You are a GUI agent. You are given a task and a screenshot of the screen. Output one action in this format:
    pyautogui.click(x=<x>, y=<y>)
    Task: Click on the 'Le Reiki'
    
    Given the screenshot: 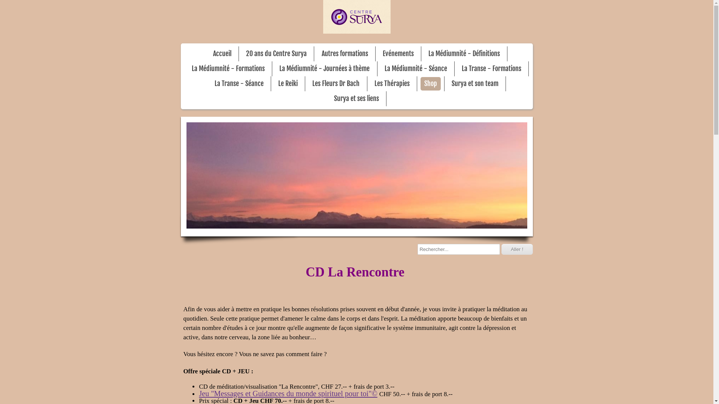 What is the action you would take?
    pyautogui.click(x=287, y=83)
    